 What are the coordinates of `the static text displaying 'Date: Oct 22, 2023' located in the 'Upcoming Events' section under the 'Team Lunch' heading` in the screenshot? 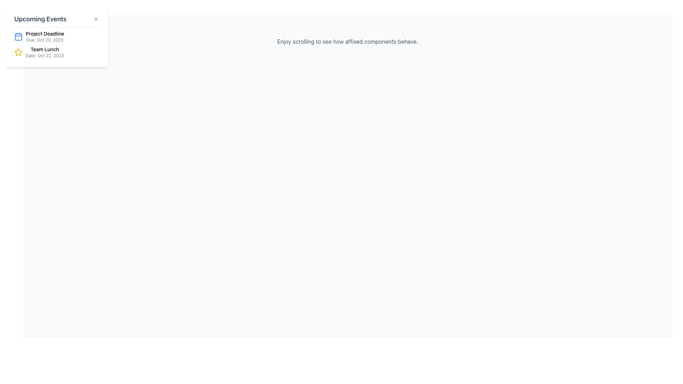 It's located at (44, 55).